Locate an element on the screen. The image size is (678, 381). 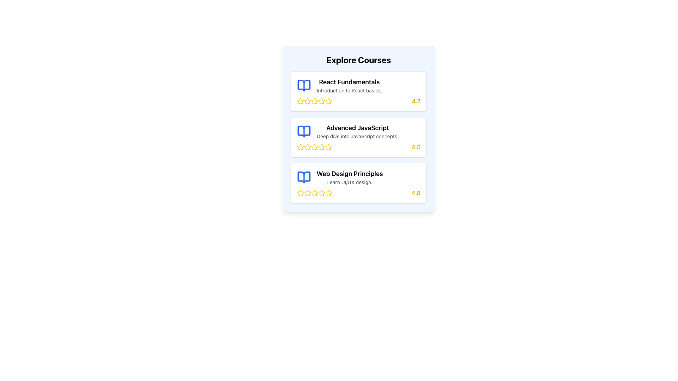
the first star icon in the Web Design Principles rating section to rate it is located at coordinates (307, 193).